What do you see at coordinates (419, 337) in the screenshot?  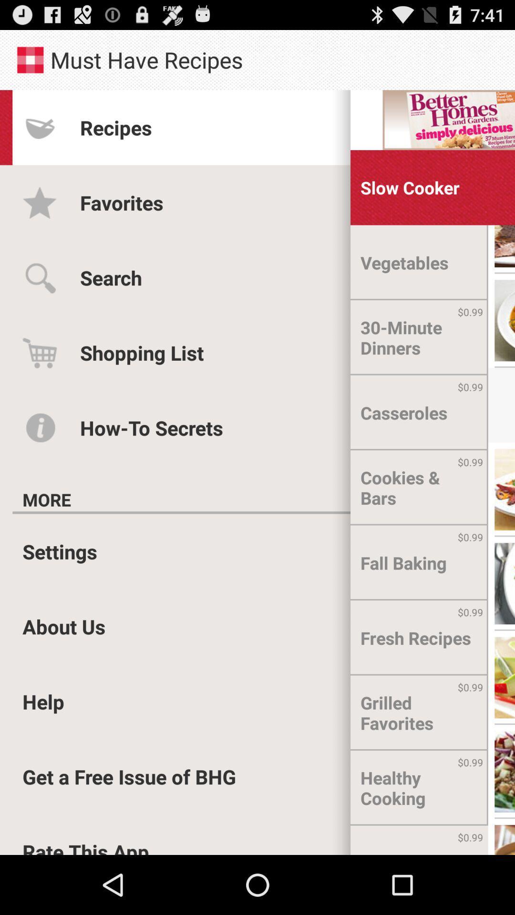 I see `the item to the right of the shopping list` at bounding box center [419, 337].